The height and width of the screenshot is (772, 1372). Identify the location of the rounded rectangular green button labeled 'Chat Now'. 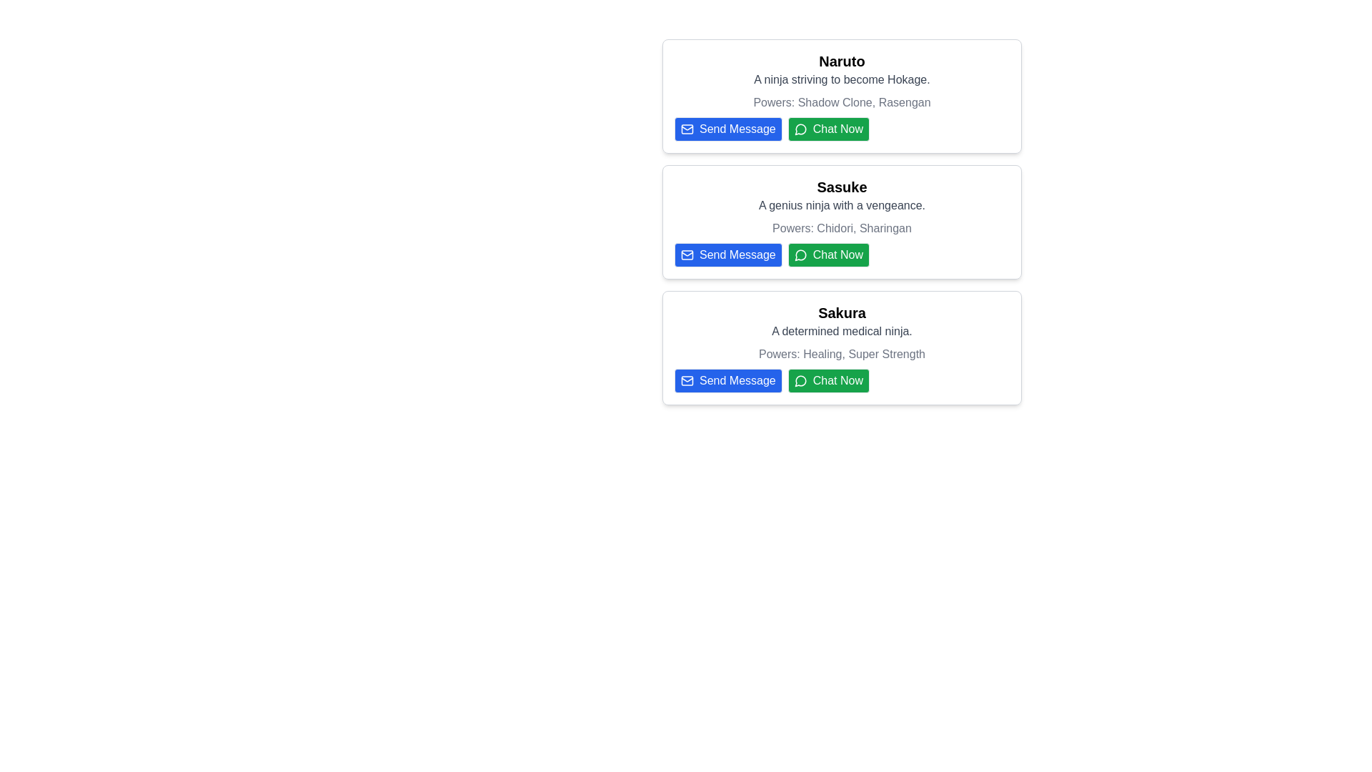
(828, 129).